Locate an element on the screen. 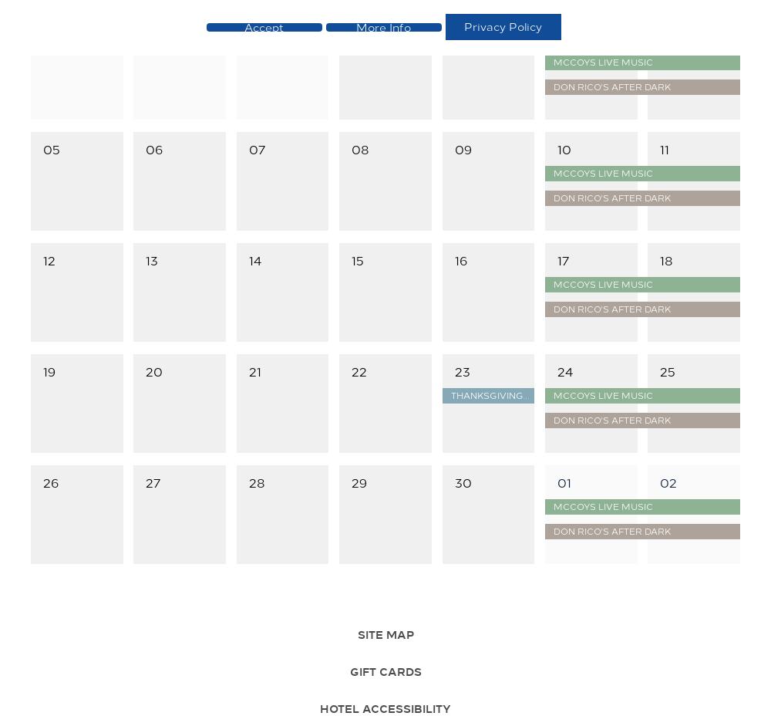 The image size is (771, 716). '25' is located at coordinates (659, 370).